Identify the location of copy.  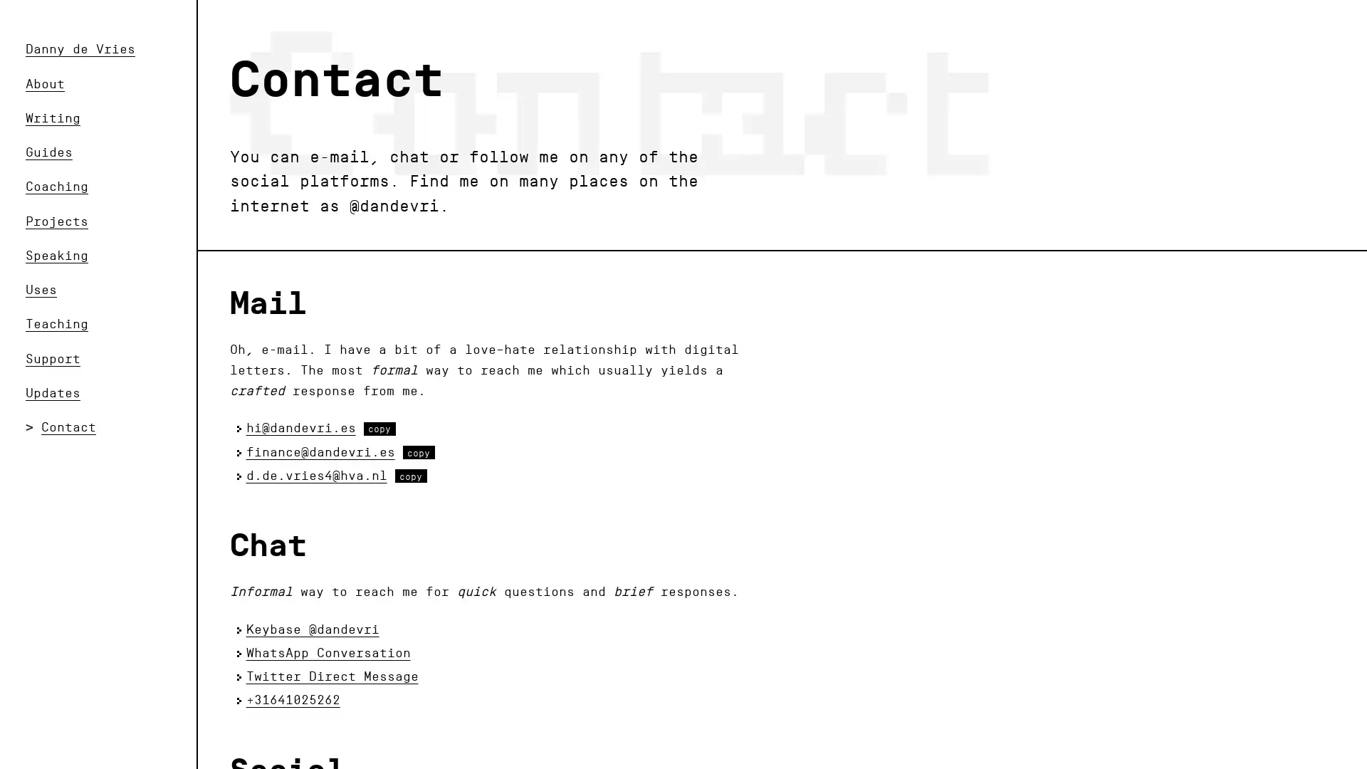
(409, 475).